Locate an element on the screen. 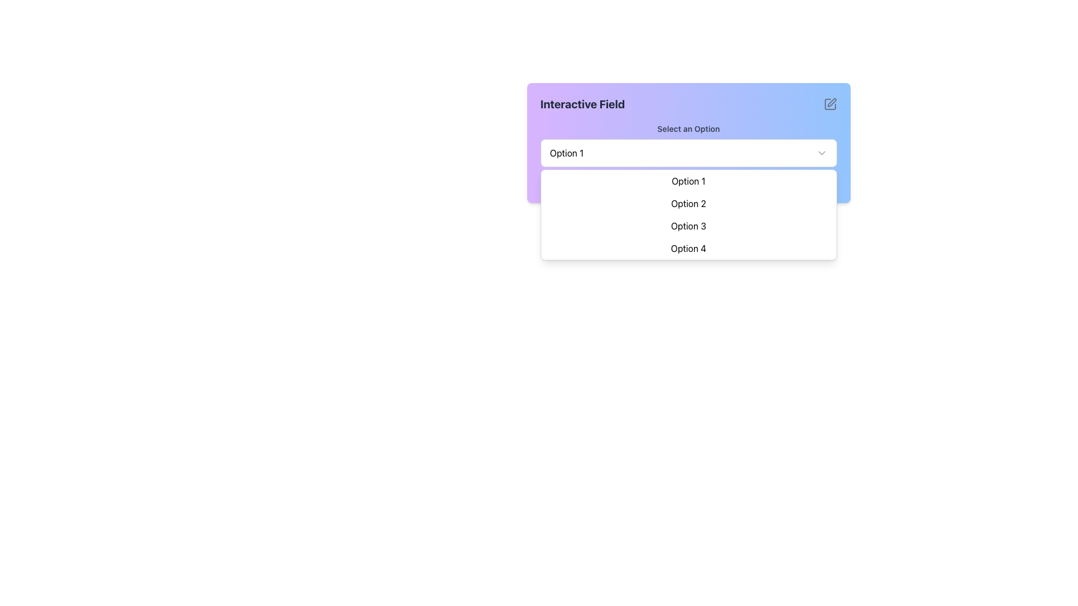  the 'Option 4' selectable item in the dropdown menu is located at coordinates (688, 248).